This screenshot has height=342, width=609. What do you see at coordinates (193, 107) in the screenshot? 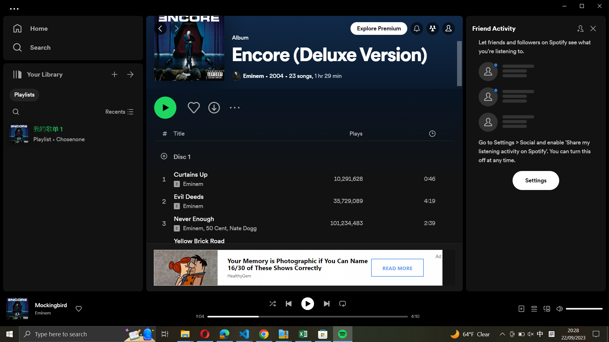
I see `Add the playlist to your favorites` at bounding box center [193, 107].